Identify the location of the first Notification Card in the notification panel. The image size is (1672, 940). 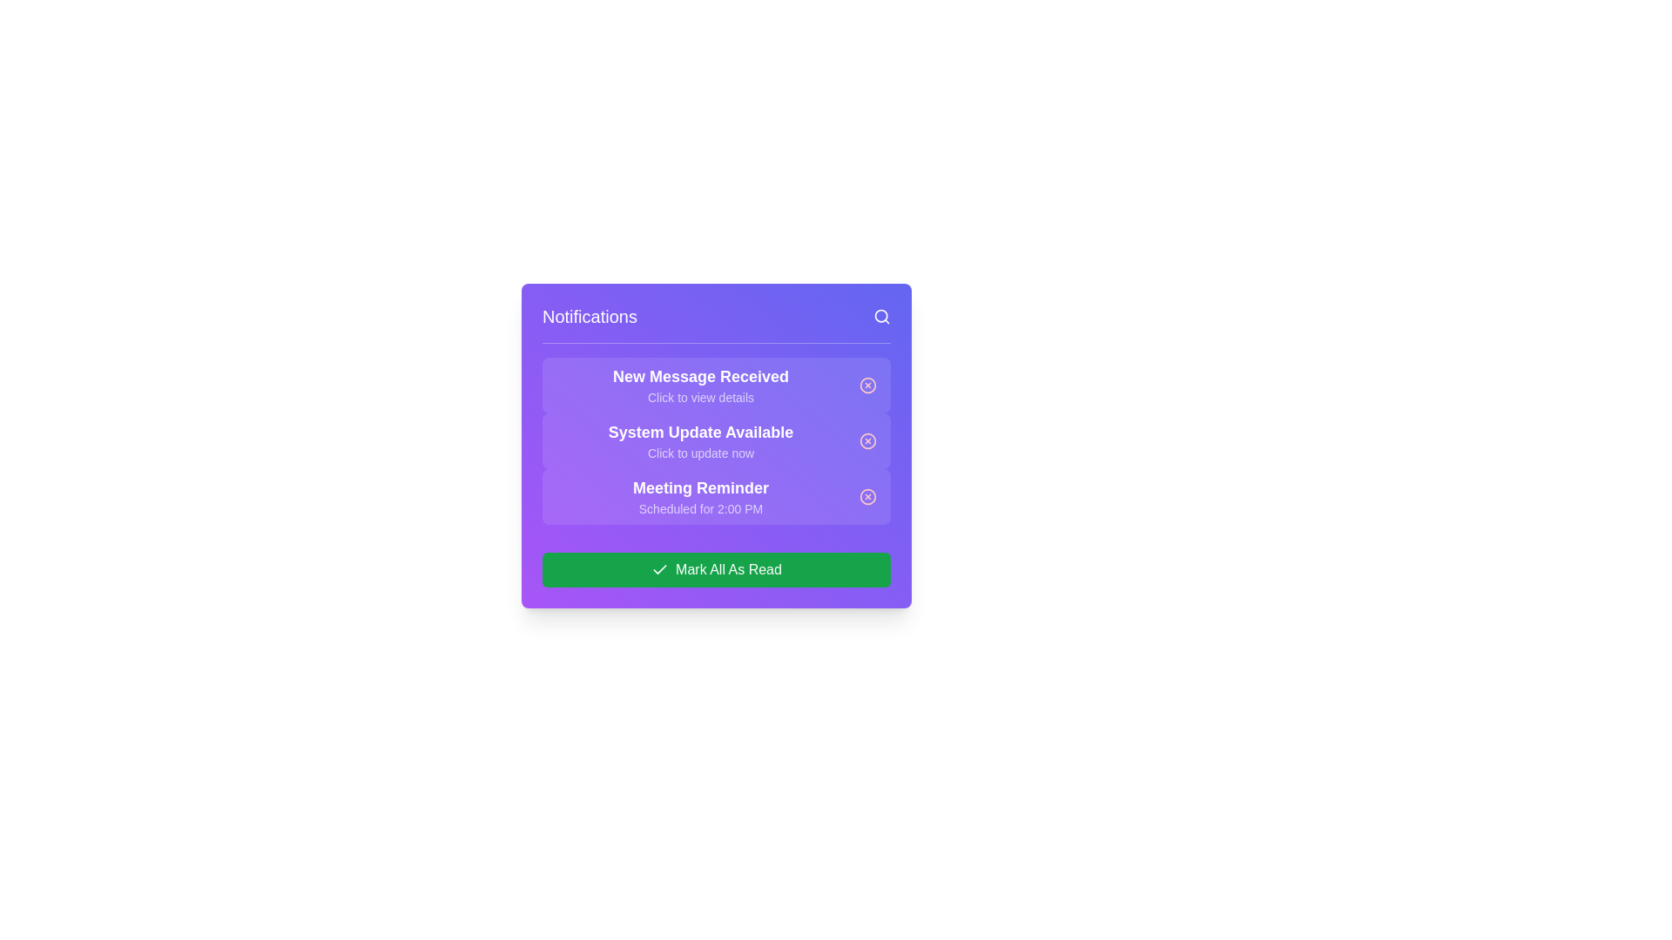
(716, 385).